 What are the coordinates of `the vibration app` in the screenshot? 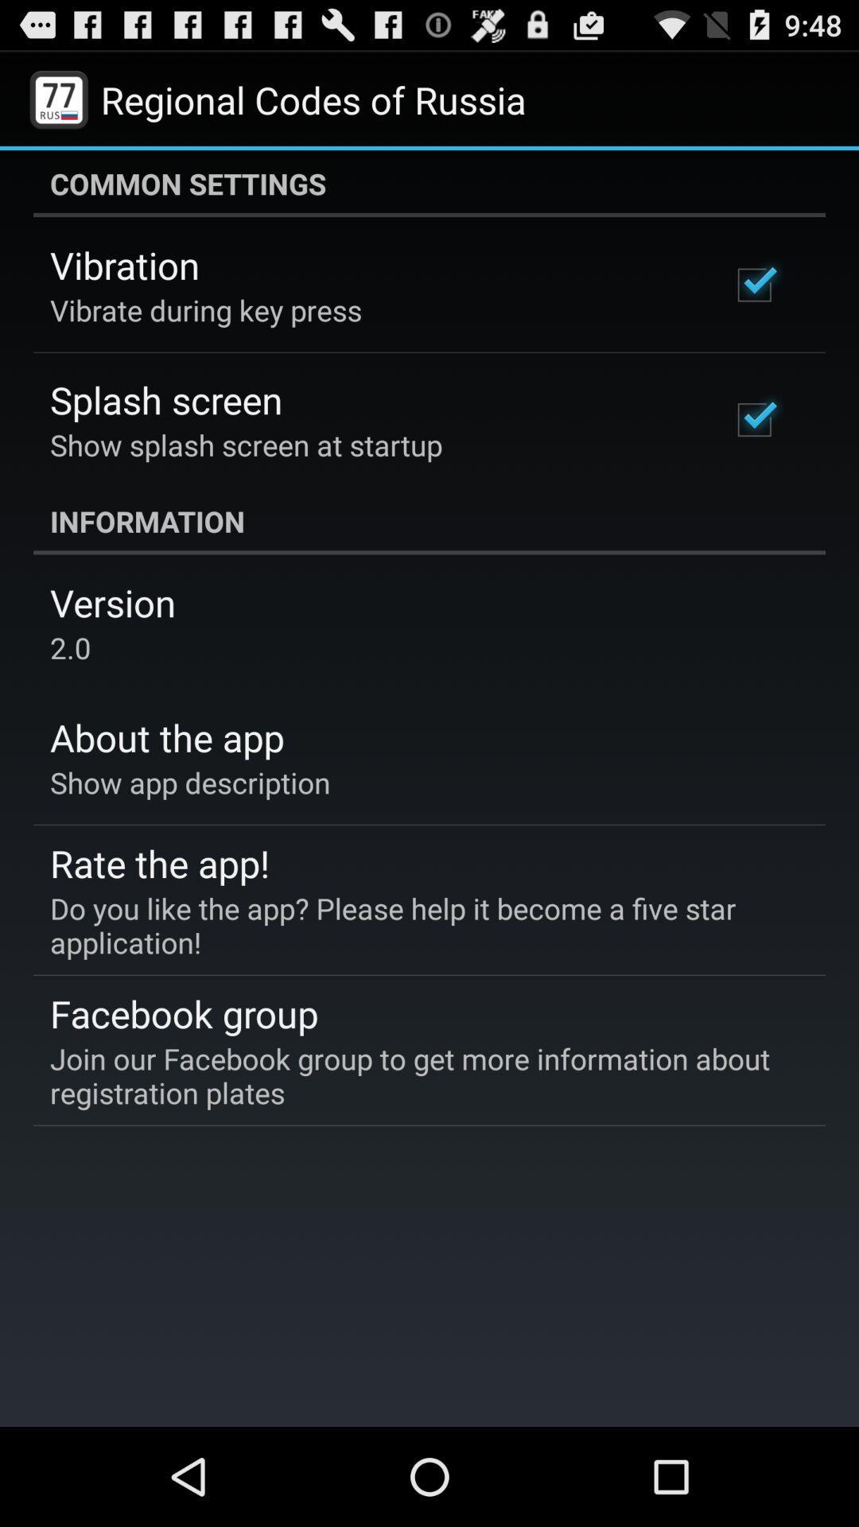 It's located at (124, 265).